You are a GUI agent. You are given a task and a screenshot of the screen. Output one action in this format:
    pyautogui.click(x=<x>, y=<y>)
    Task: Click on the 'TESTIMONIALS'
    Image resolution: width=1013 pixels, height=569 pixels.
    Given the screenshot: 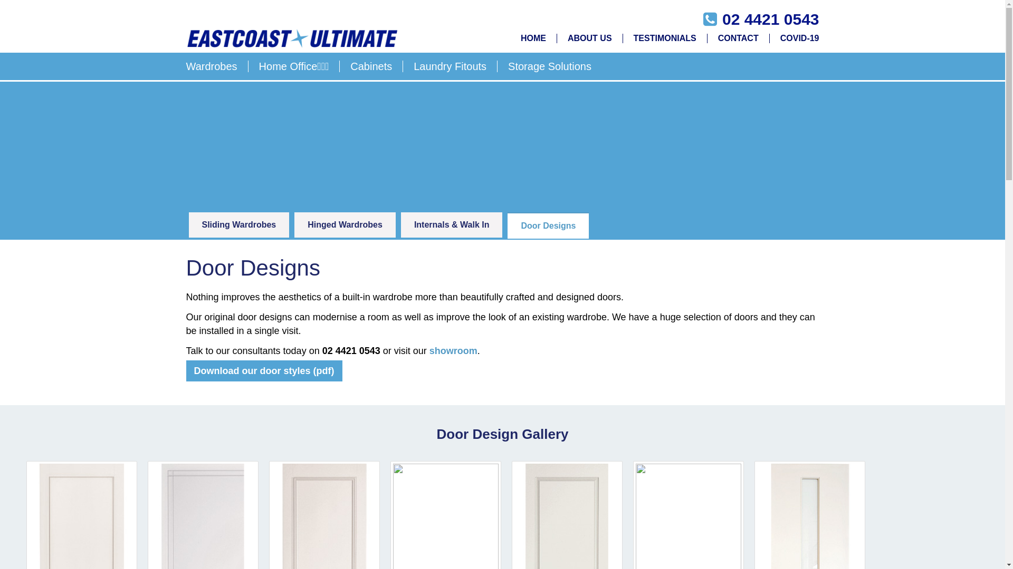 What is the action you would take?
    pyautogui.click(x=623, y=38)
    